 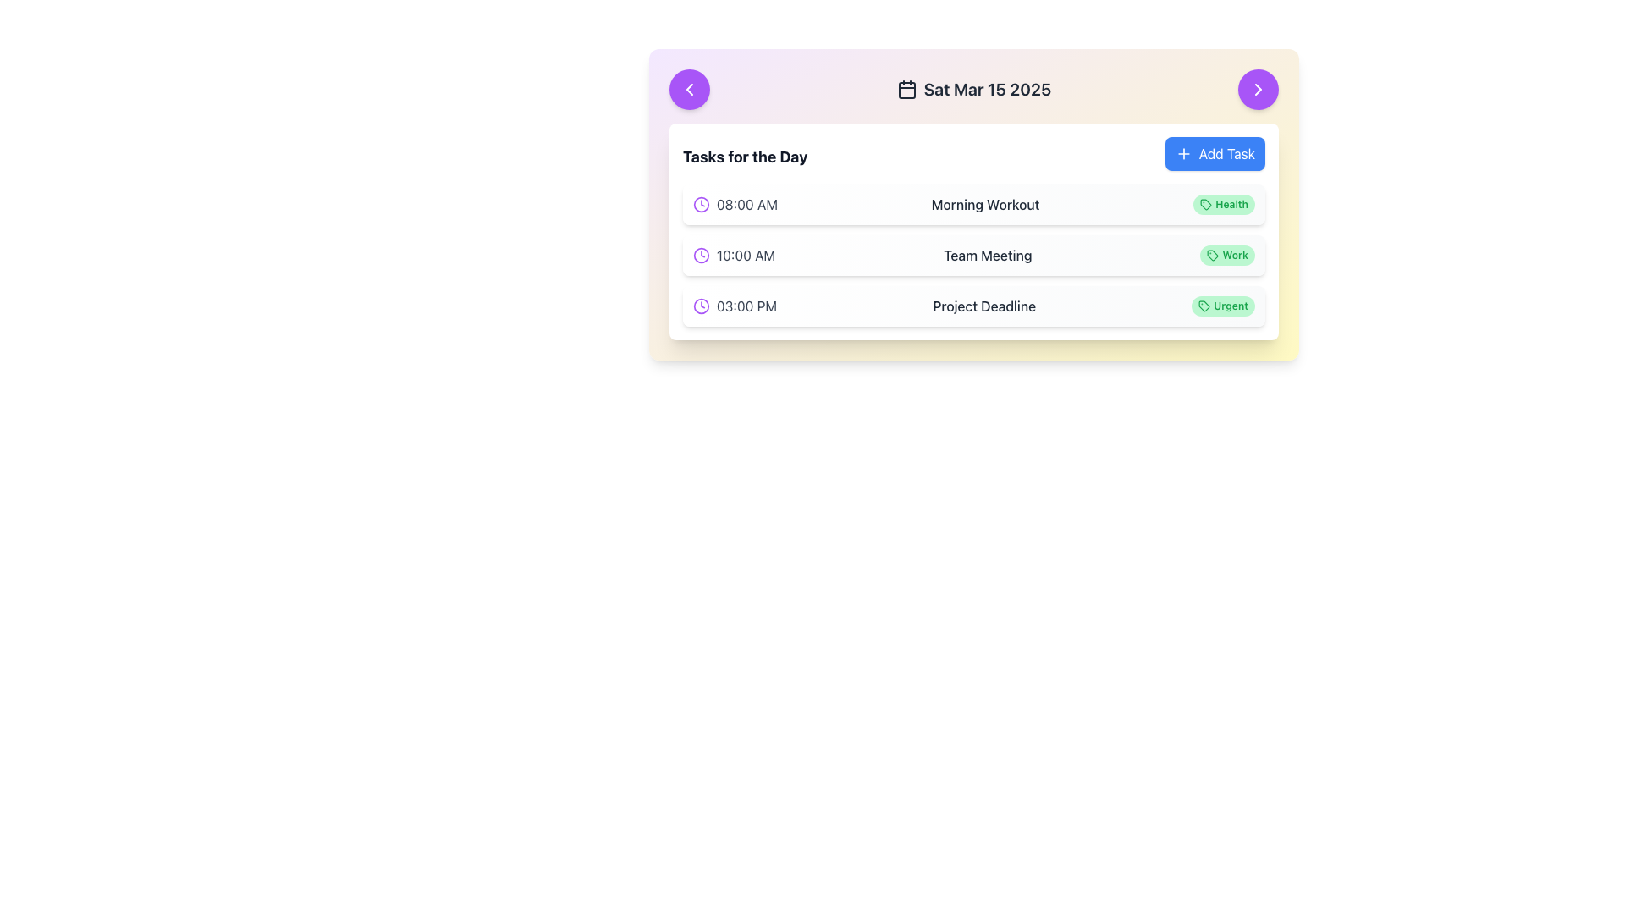 I want to click on the back navigation button located on the far-left side of the header section to observe its hover effects, so click(x=690, y=89).